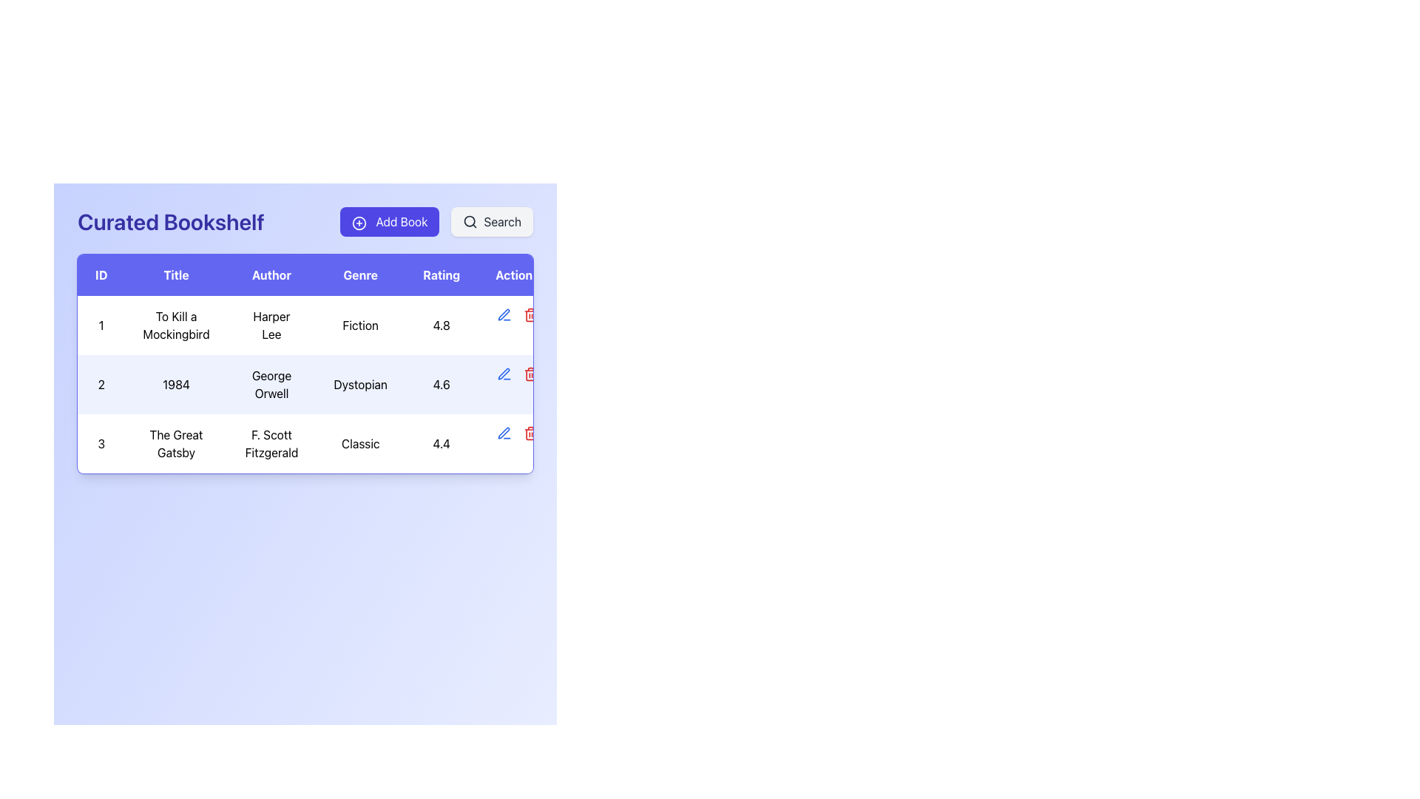  What do you see at coordinates (441, 443) in the screenshot?
I see `the rating display for the book 'The Great Gatsby', located in the last visible column of the third row in the table under the 'Rating' heading` at bounding box center [441, 443].